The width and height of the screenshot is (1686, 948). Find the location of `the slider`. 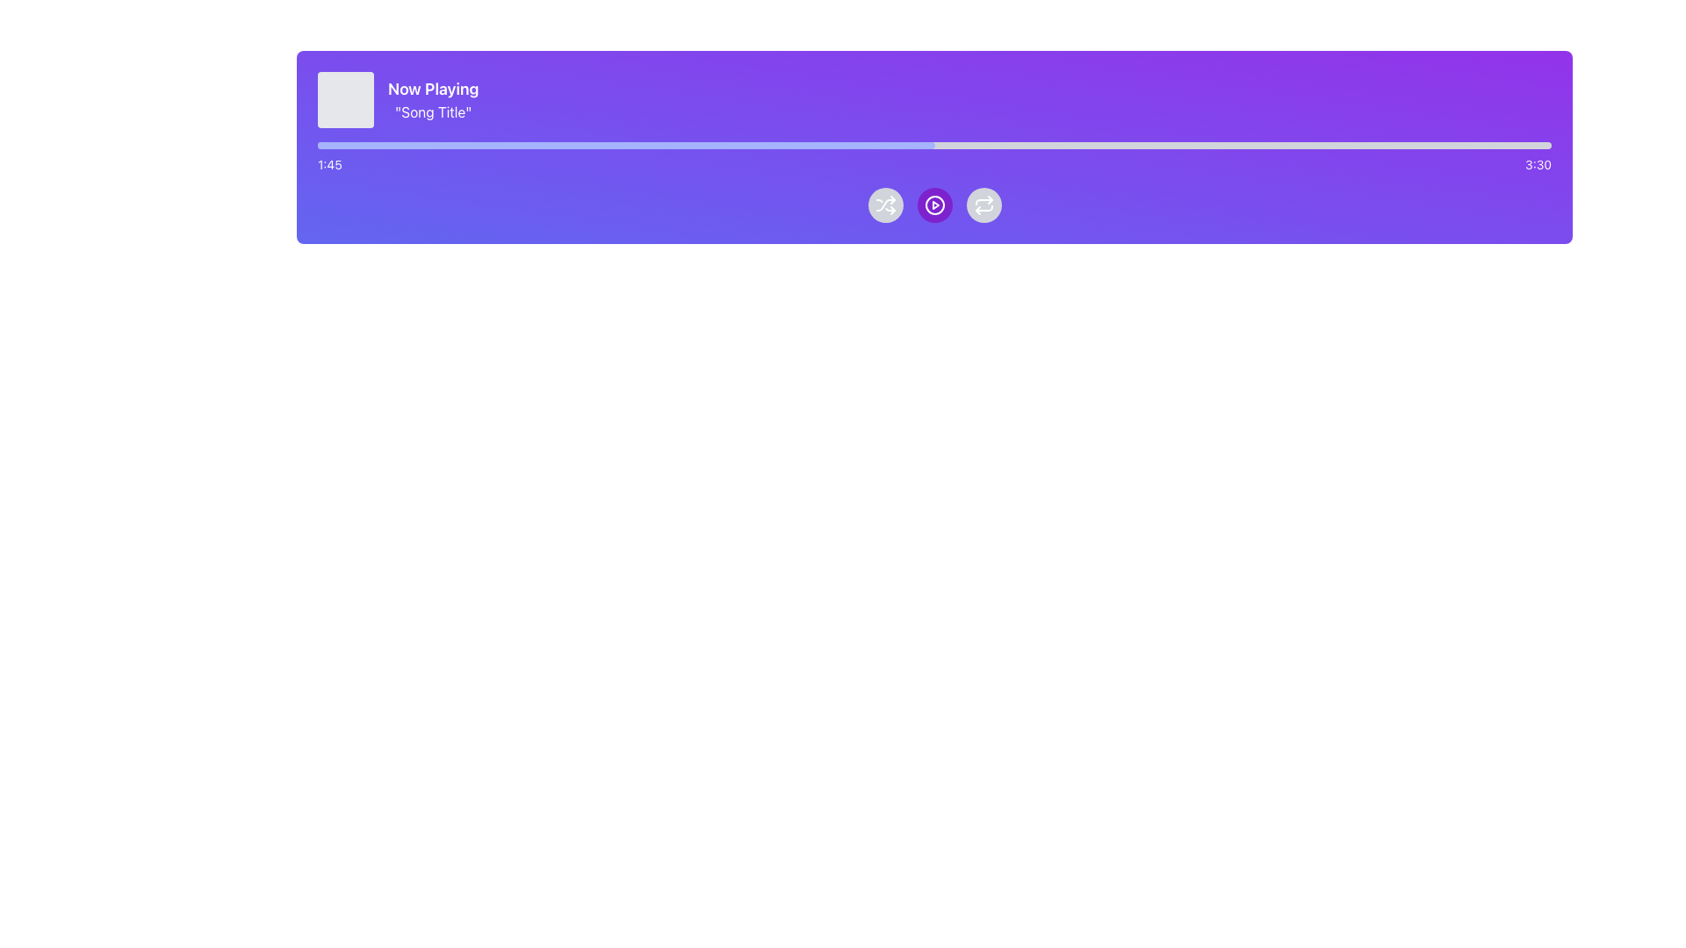

the slider is located at coordinates (1017, 144).